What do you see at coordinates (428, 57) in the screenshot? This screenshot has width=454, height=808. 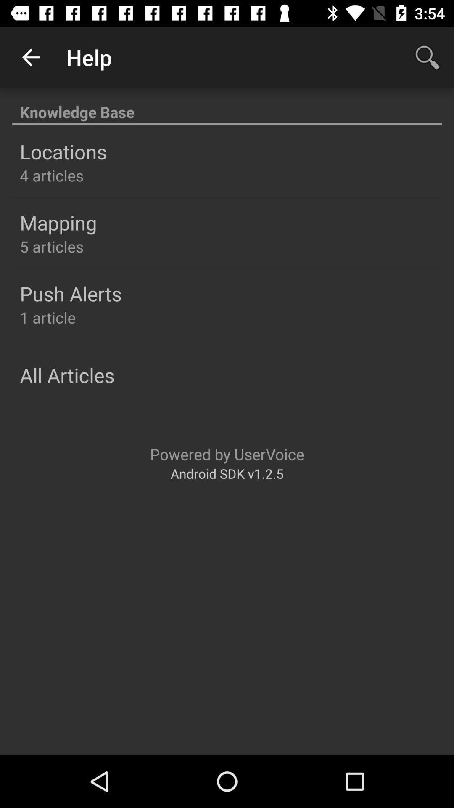 I see `icon above the knowledge base` at bounding box center [428, 57].